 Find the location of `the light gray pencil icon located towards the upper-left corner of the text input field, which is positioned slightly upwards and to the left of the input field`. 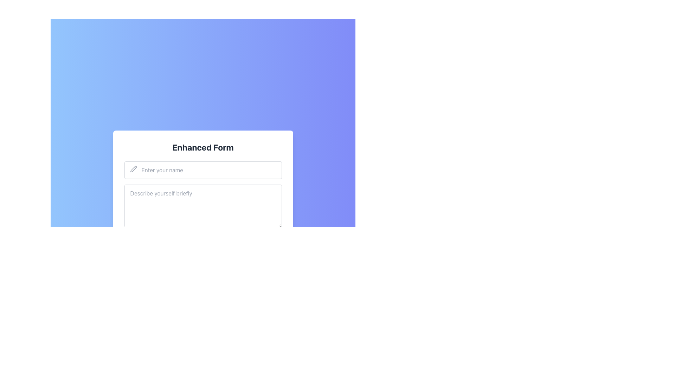

the light gray pencil icon located towards the upper-left corner of the text input field, which is positioned slightly upwards and to the left of the input field is located at coordinates (133, 169).